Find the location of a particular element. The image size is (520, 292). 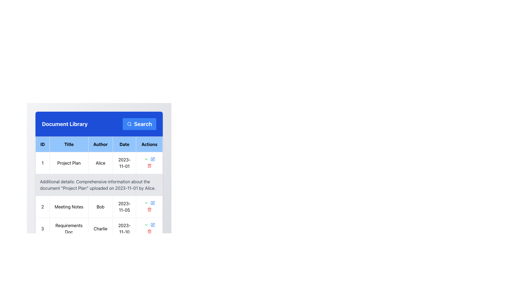

the pen icon in the 'Actions' column of the second row of the 'Document Library' table is located at coordinates (153, 158).